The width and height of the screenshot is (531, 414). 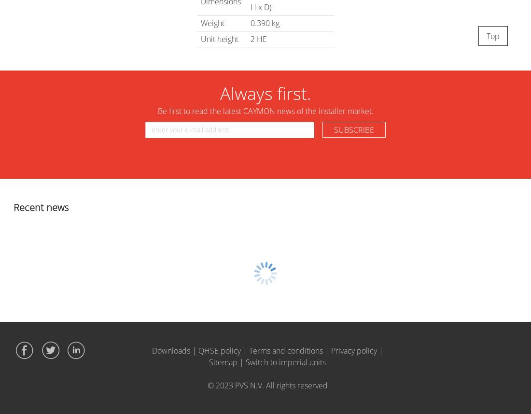 What do you see at coordinates (197, 350) in the screenshot?
I see `'QHSE policy'` at bounding box center [197, 350].